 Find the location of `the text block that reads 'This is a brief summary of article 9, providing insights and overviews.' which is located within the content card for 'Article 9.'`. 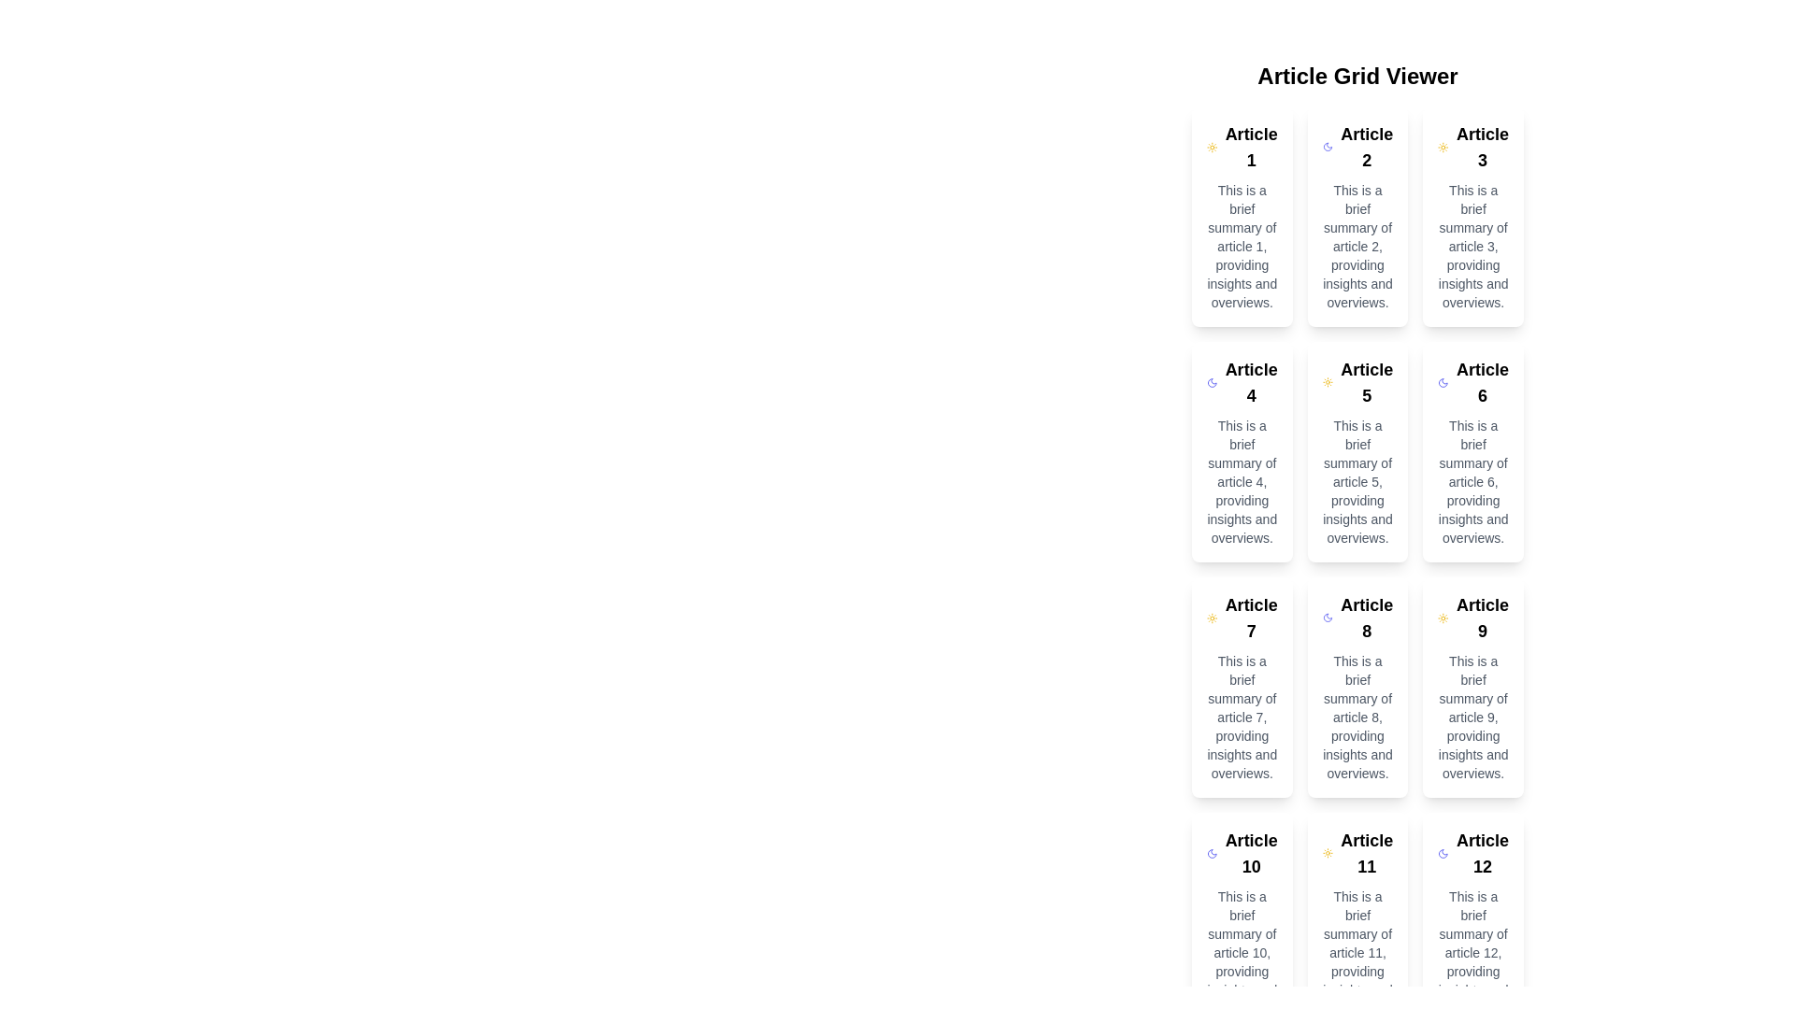

the text block that reads 'This is a brief summary of article 9, providing insights and overviews.' which is located within the content card for 'Article 9.' is located at coordinates (1472, 716).